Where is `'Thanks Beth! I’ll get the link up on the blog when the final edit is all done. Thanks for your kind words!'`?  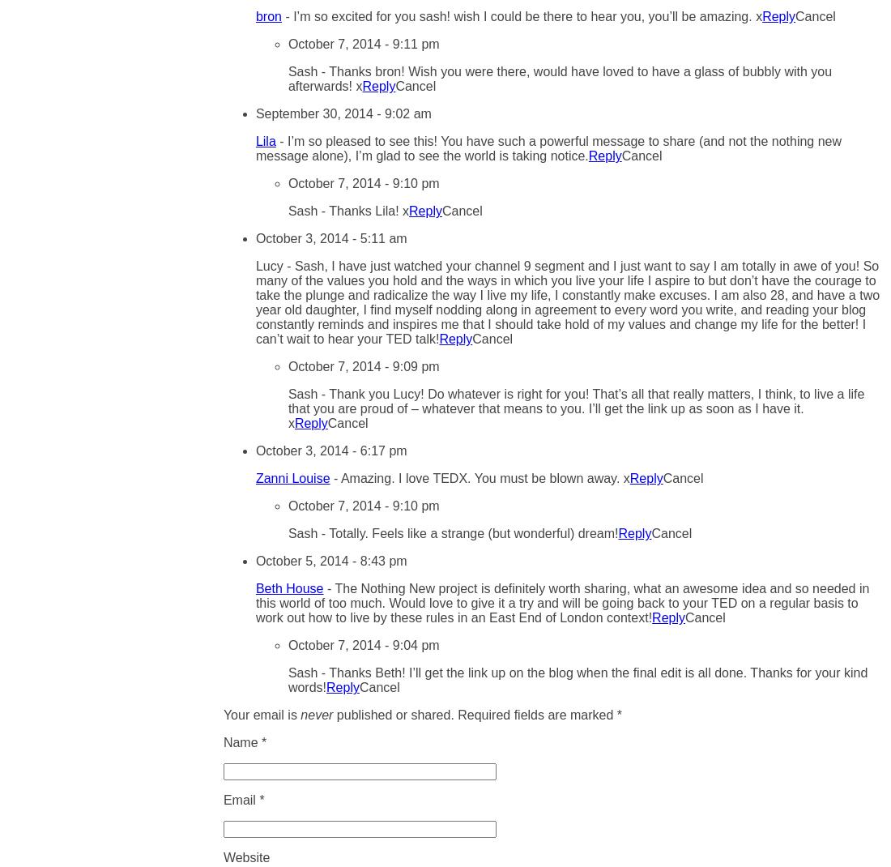
'Thanks Beth! I’ll get the link up on the blog when the final edit is all done. Thanks for your kind words!' is located at coordinates (577, 680).